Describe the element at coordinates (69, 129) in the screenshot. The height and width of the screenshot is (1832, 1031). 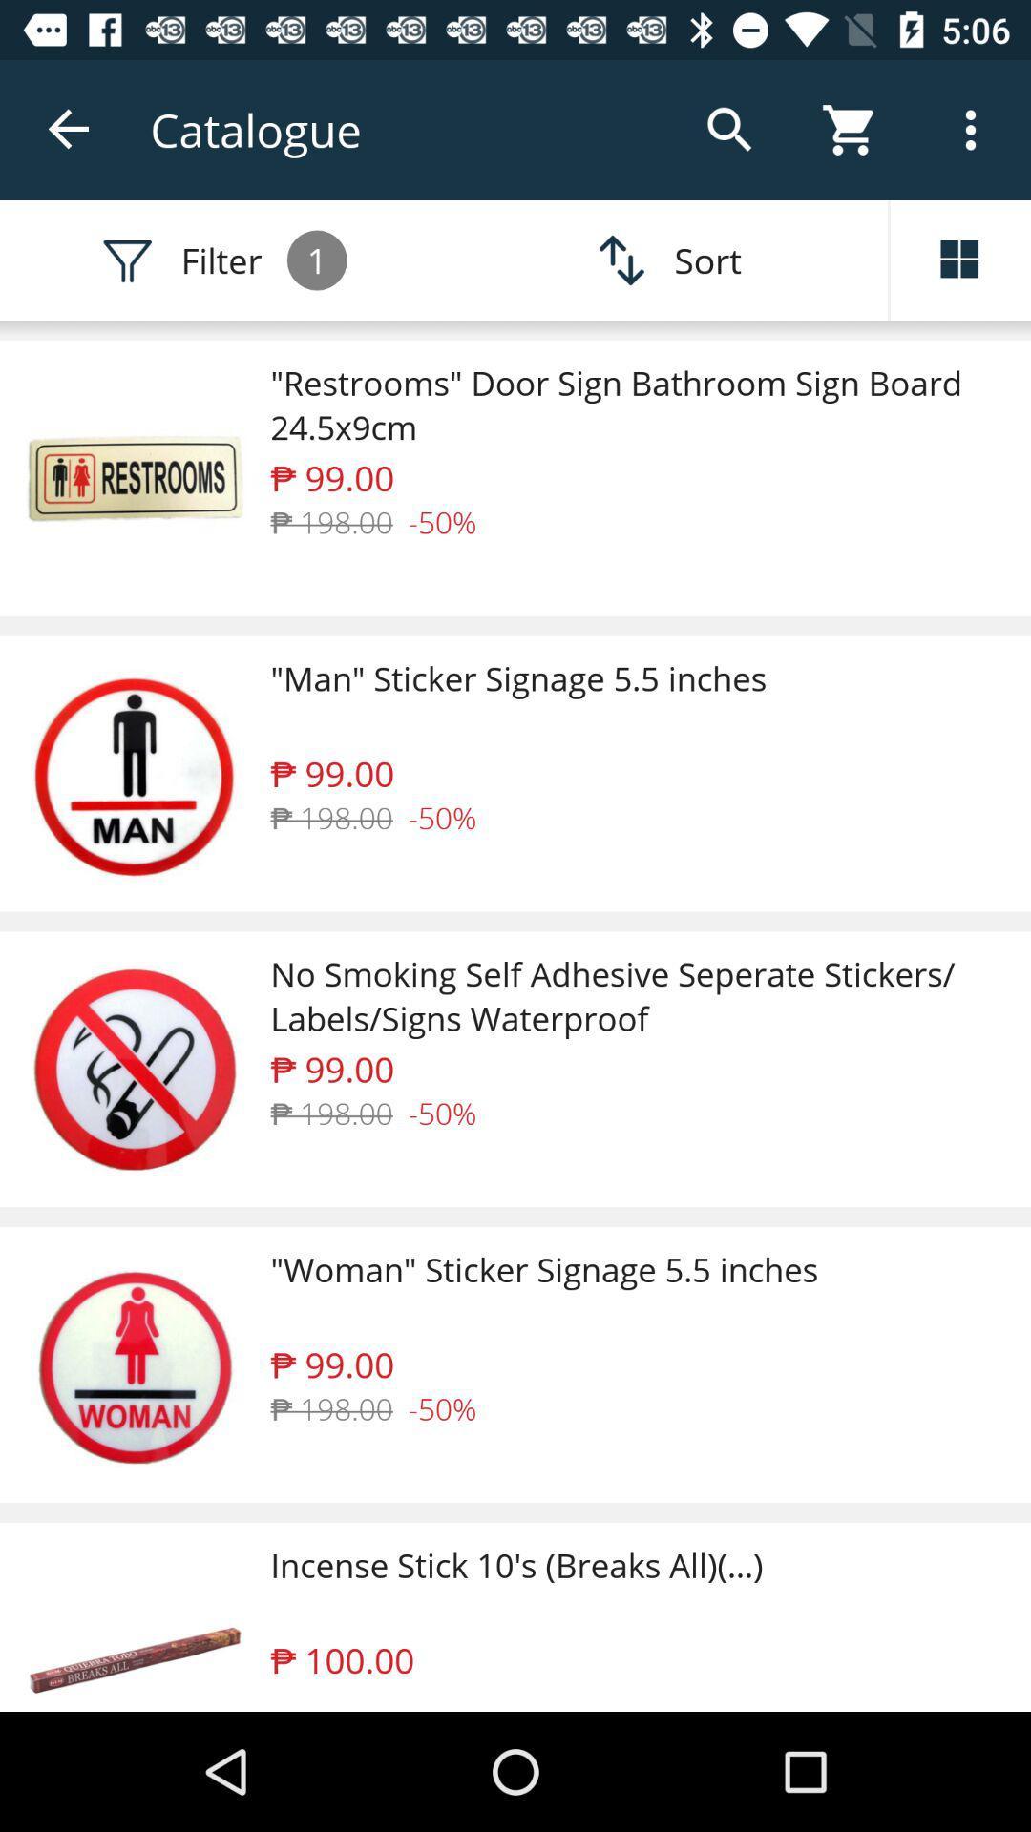
I see `go back` at that location.